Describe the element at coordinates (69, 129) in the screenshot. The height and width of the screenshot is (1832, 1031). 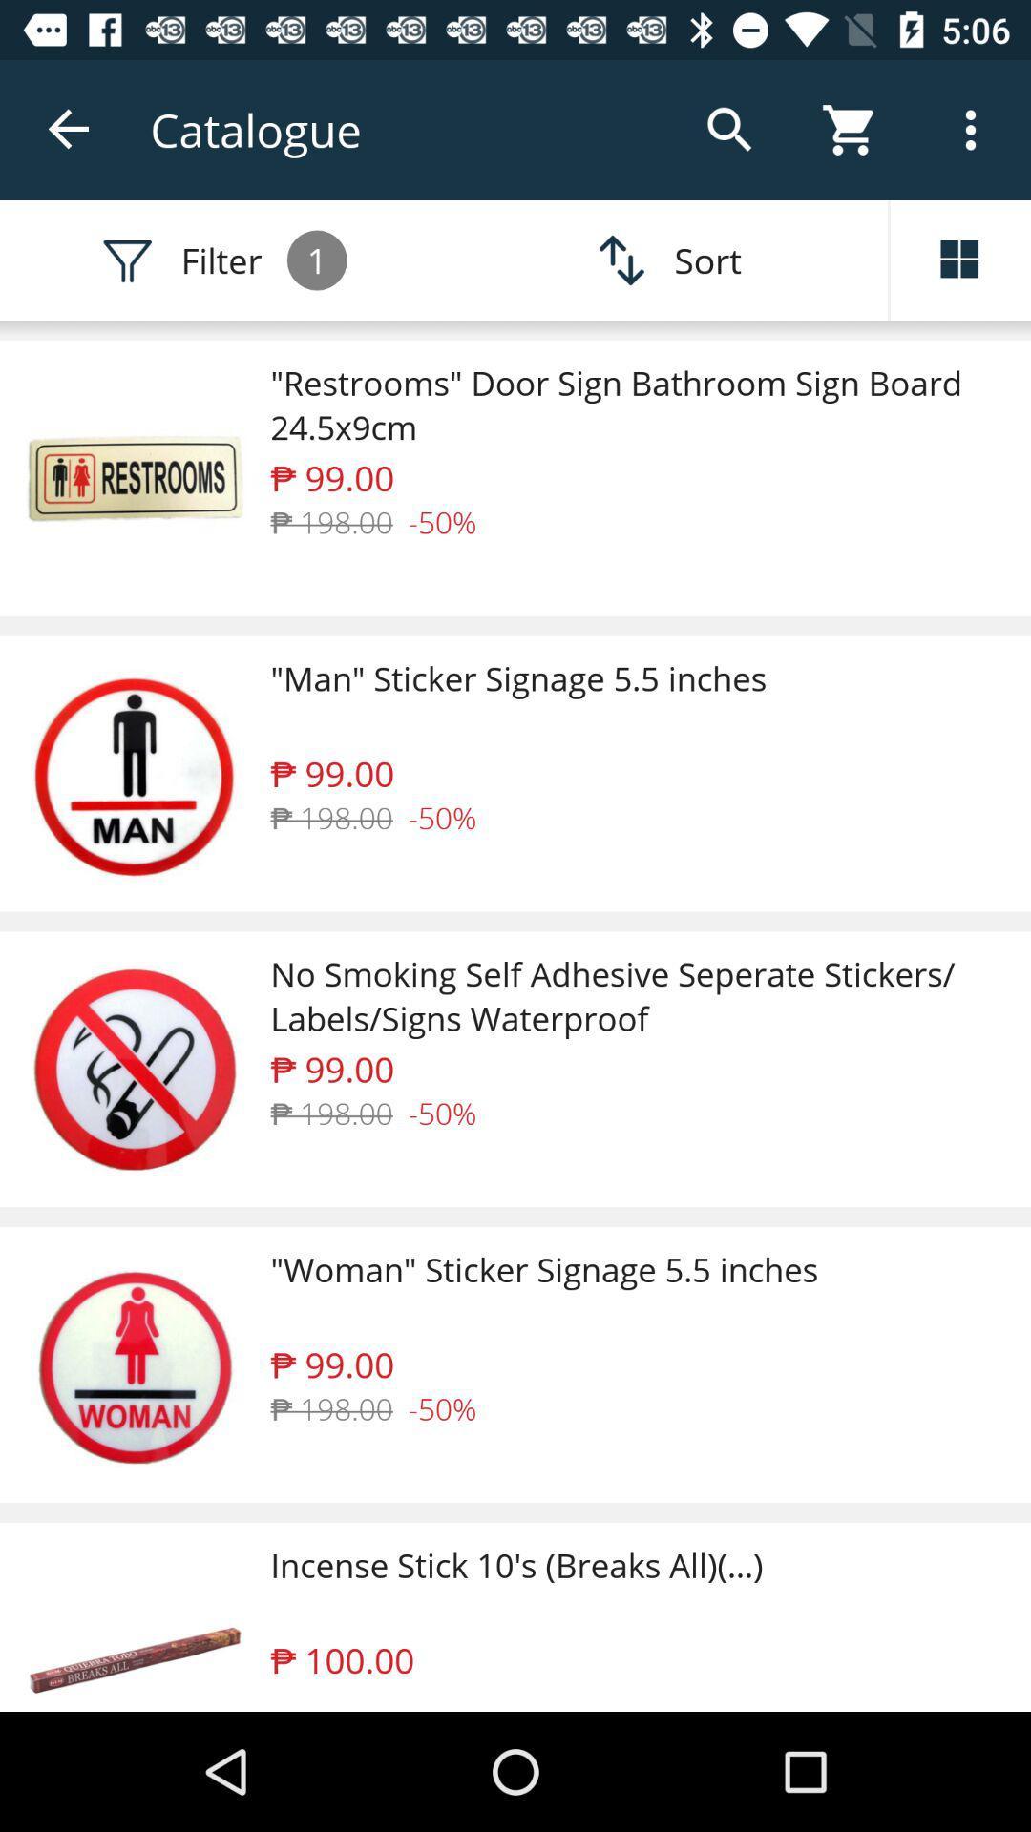
I see `go back` at that location.